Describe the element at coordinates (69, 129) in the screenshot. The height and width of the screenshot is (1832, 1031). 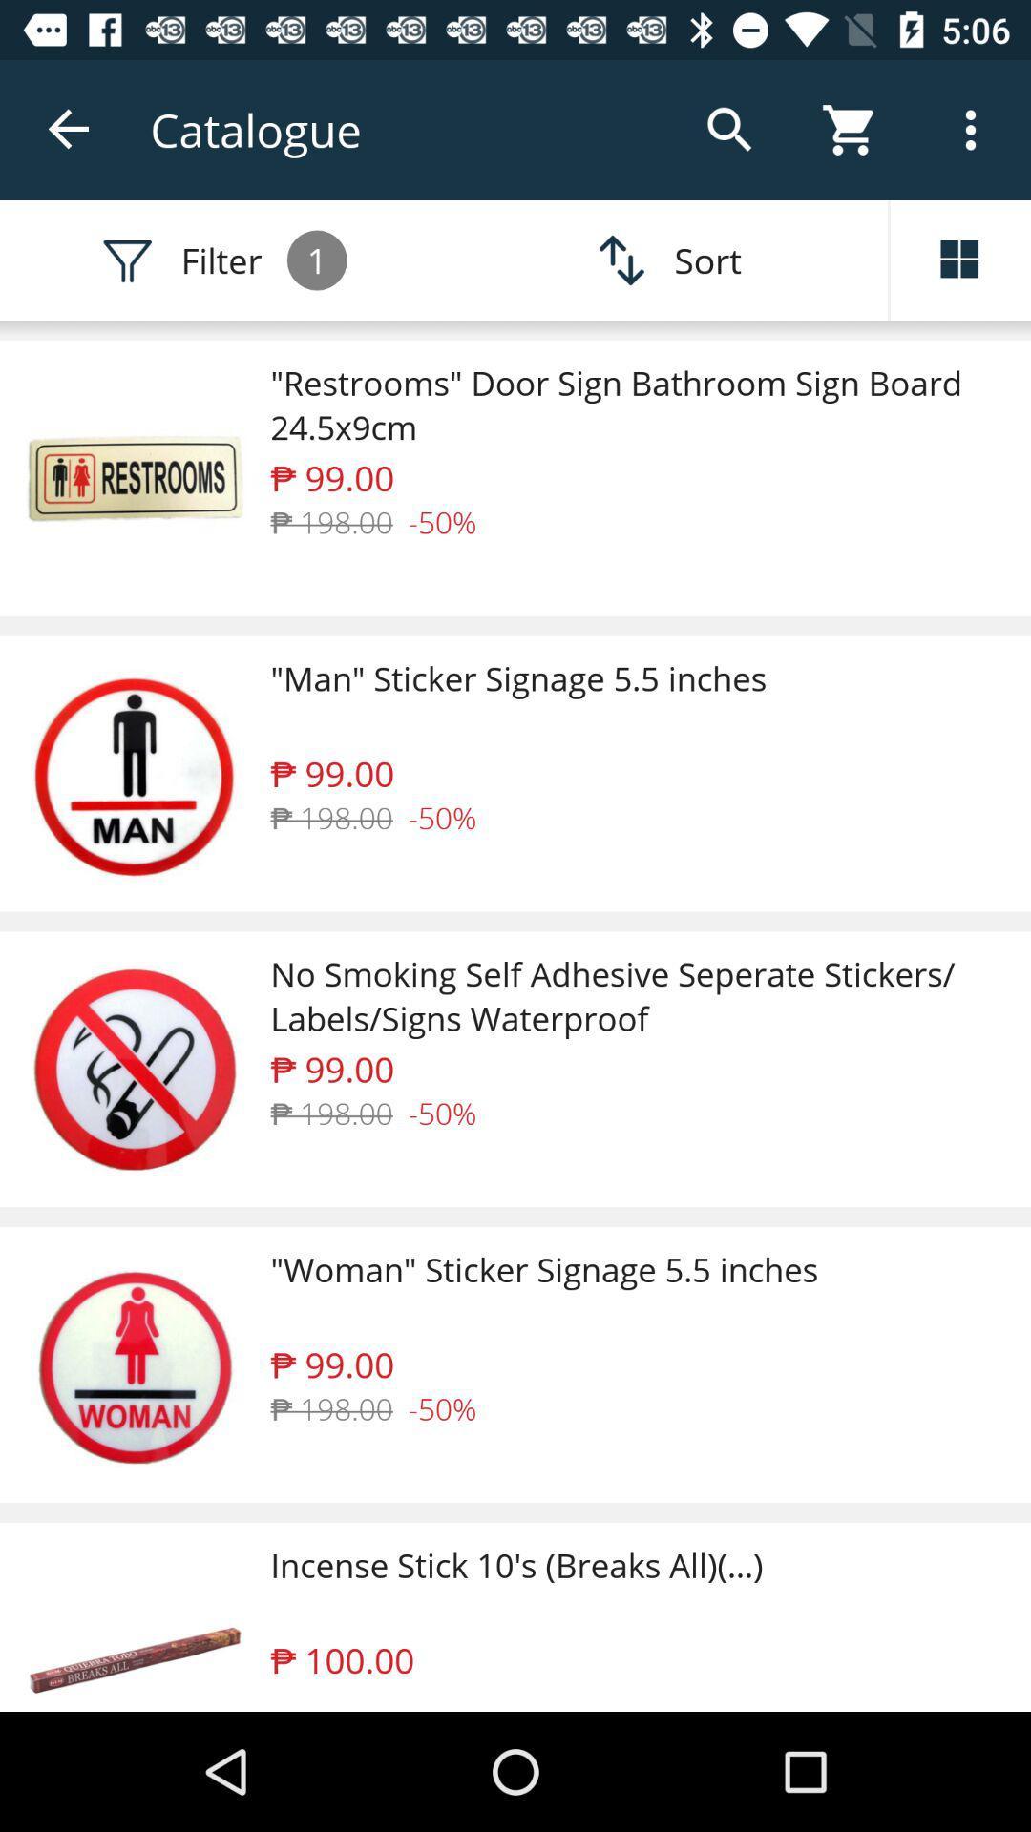
I see `go back` at that location.